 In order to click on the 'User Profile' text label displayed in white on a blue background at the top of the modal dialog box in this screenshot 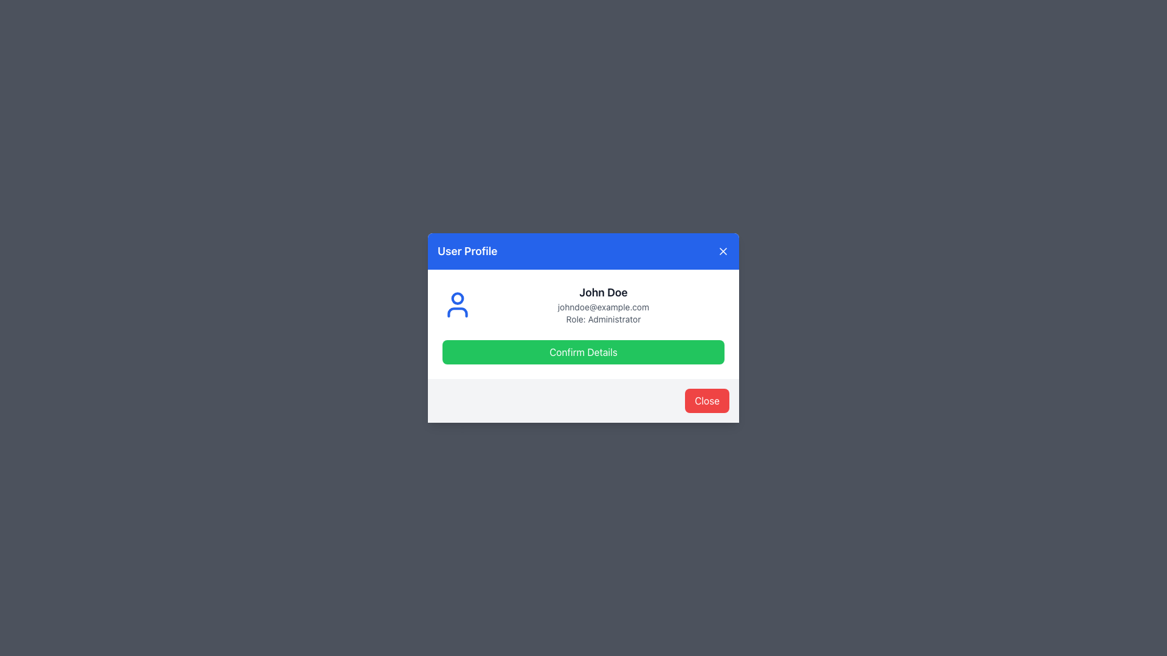, I will do `click(467, 250)`.